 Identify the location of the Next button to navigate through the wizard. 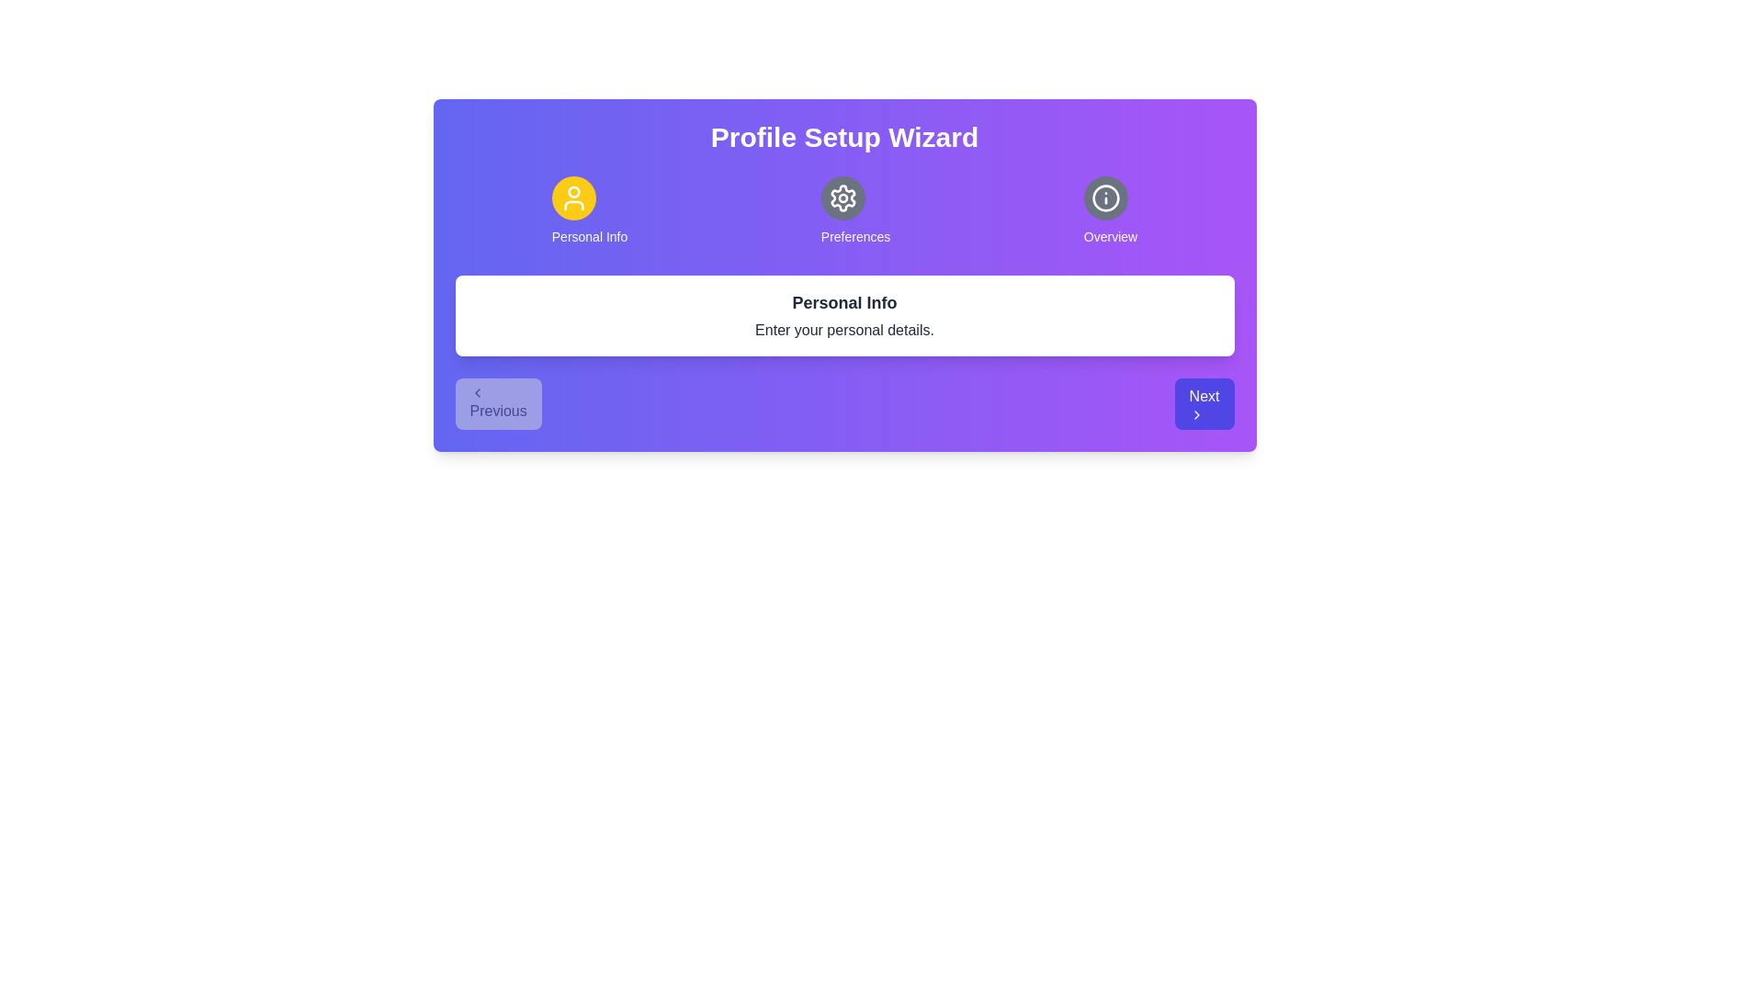
(1204, 402).